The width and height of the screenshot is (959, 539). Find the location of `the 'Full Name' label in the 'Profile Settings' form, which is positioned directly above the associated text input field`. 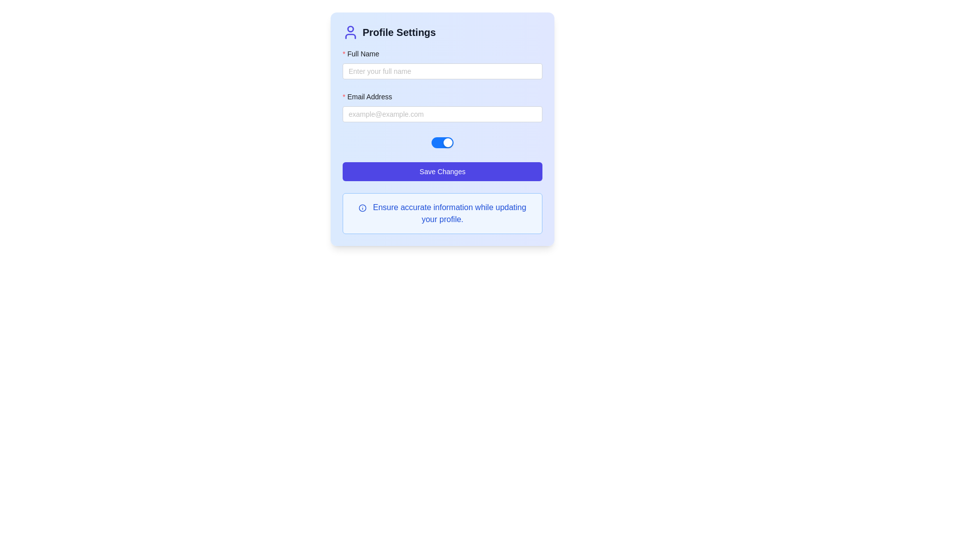

the 'Full Name' label in the 'Profile Settings' form, which is positioned directly above the associated text input field is located at coordinates (364, 54).